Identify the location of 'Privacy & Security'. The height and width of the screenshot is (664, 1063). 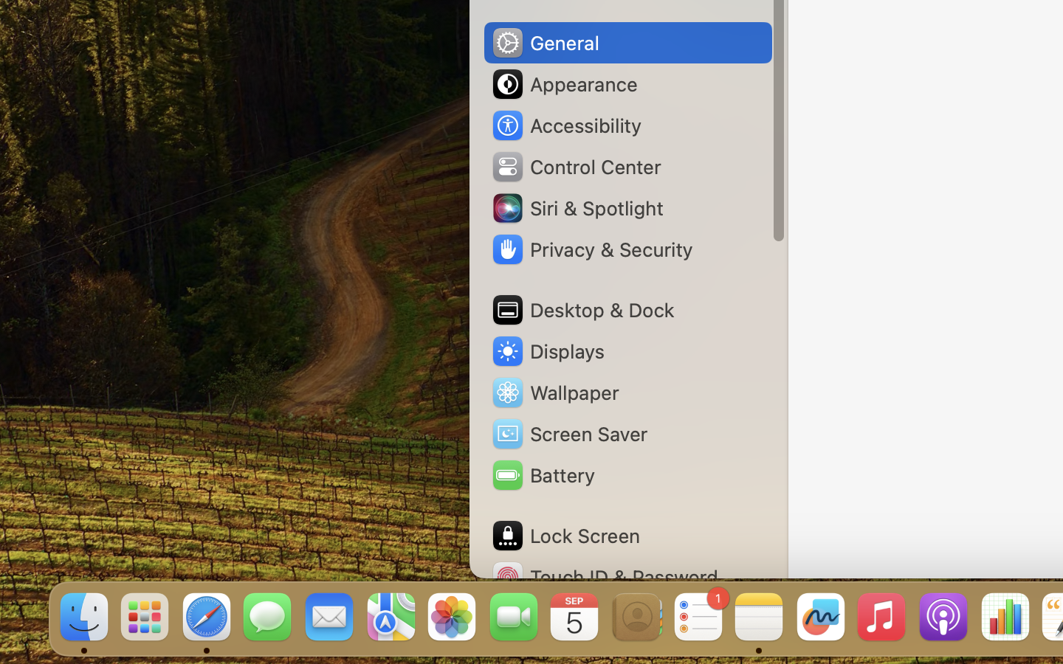
(591, 249).